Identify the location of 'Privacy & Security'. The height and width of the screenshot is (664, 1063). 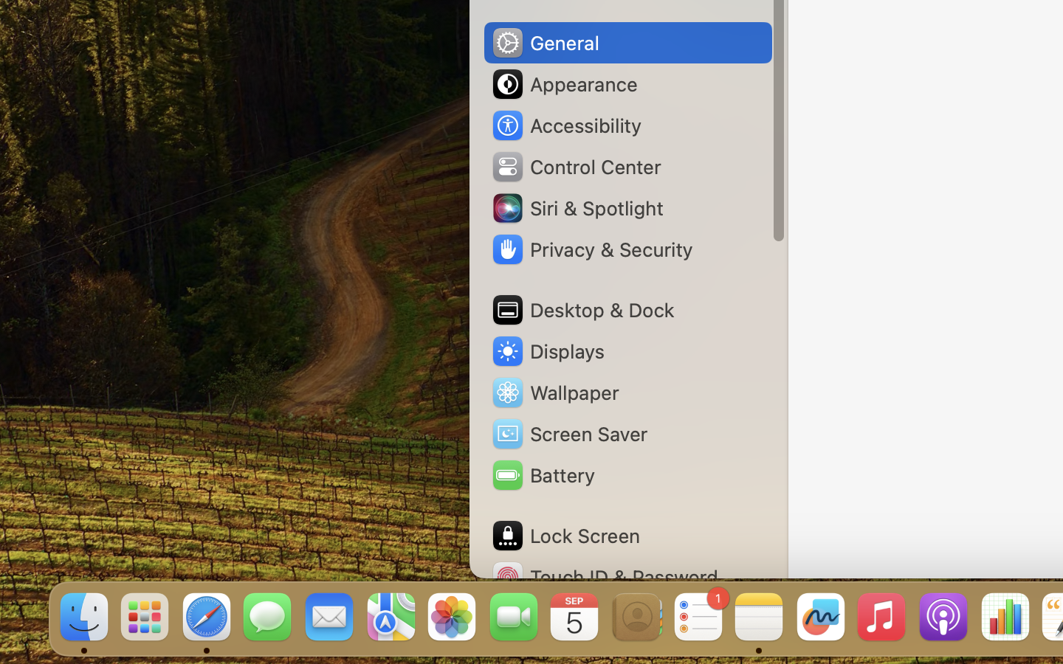
(591, 249).